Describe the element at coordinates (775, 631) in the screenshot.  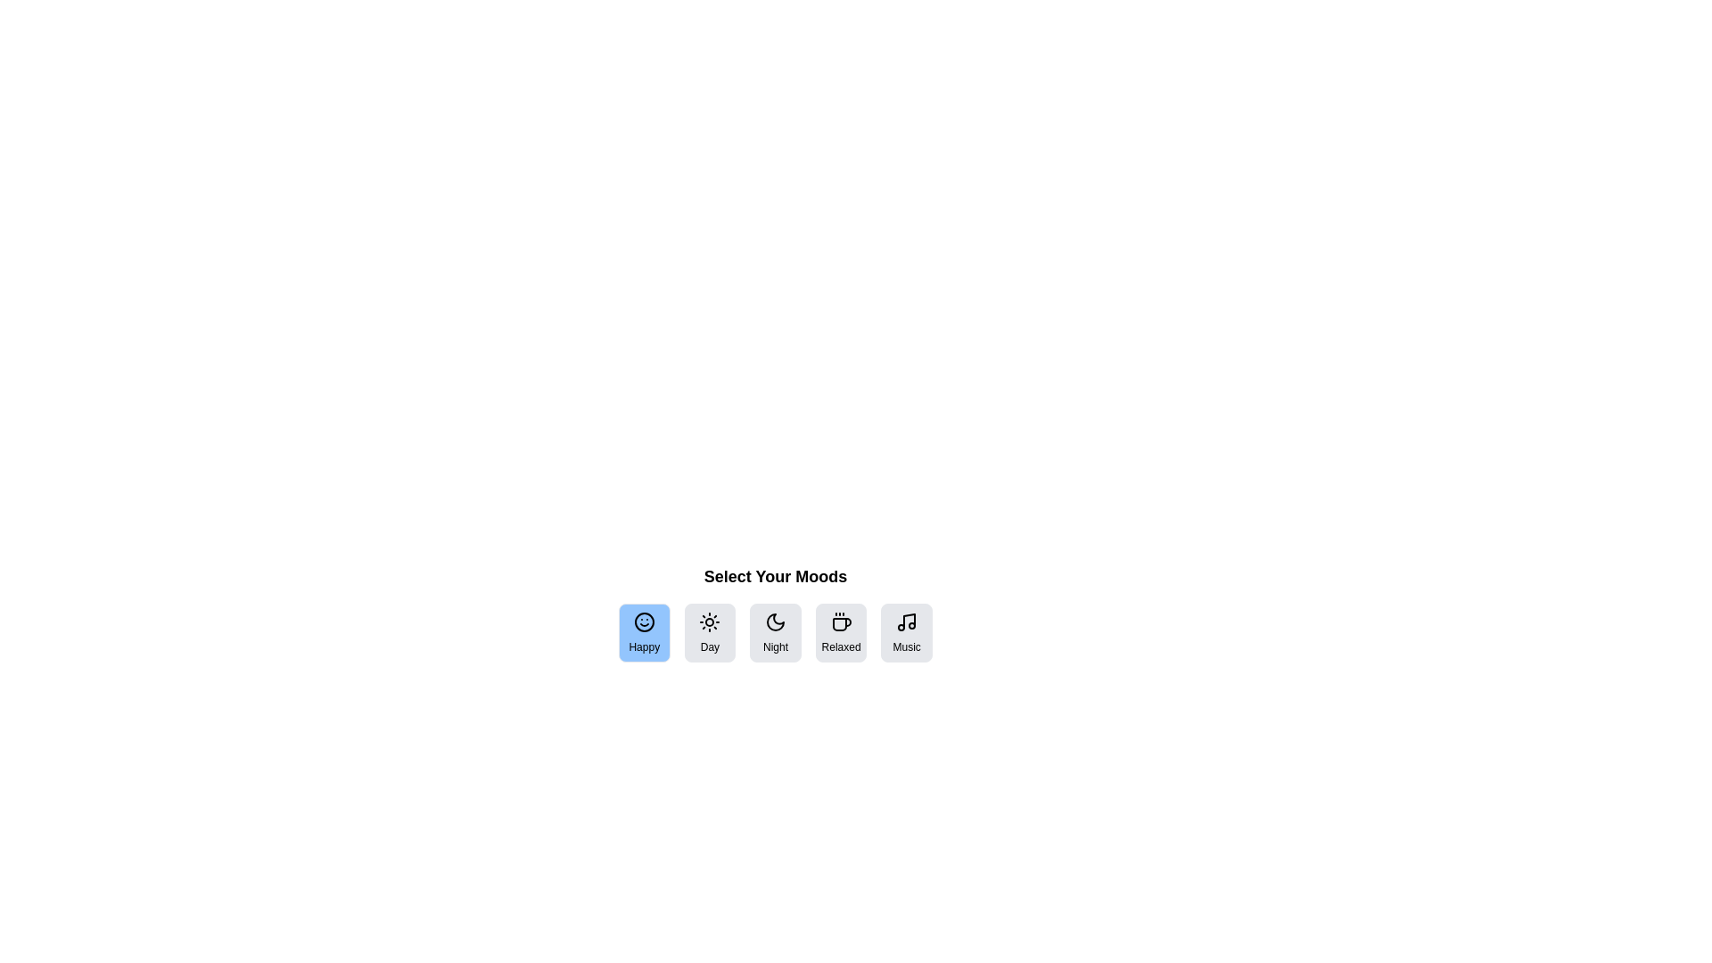
I see `the 'Night' mood button which is the third button in a row of five, located under the header 'Select Your Moods'` at that location.